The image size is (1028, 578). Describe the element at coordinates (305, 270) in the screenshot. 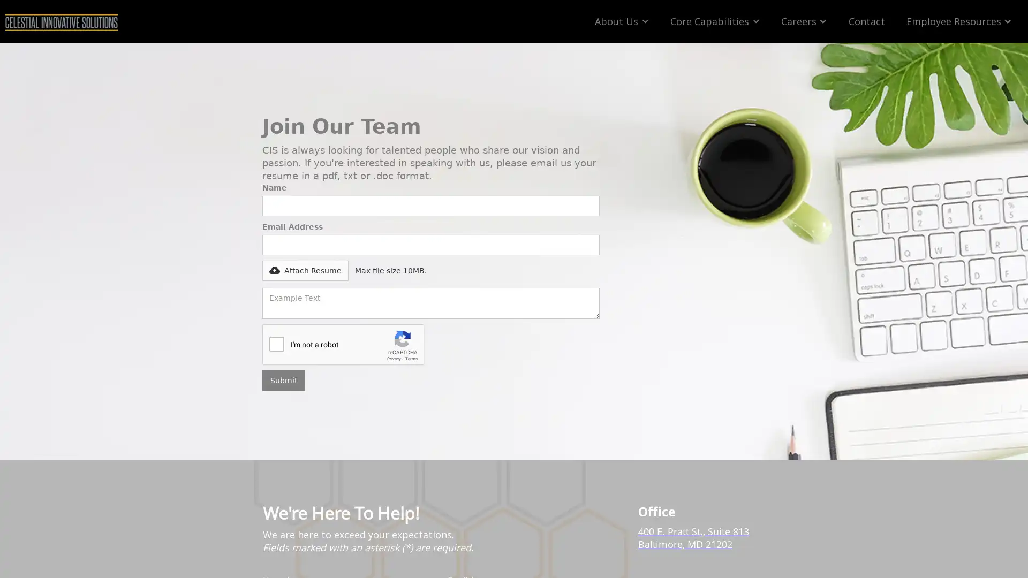

I see `Attach Resume` at that location.